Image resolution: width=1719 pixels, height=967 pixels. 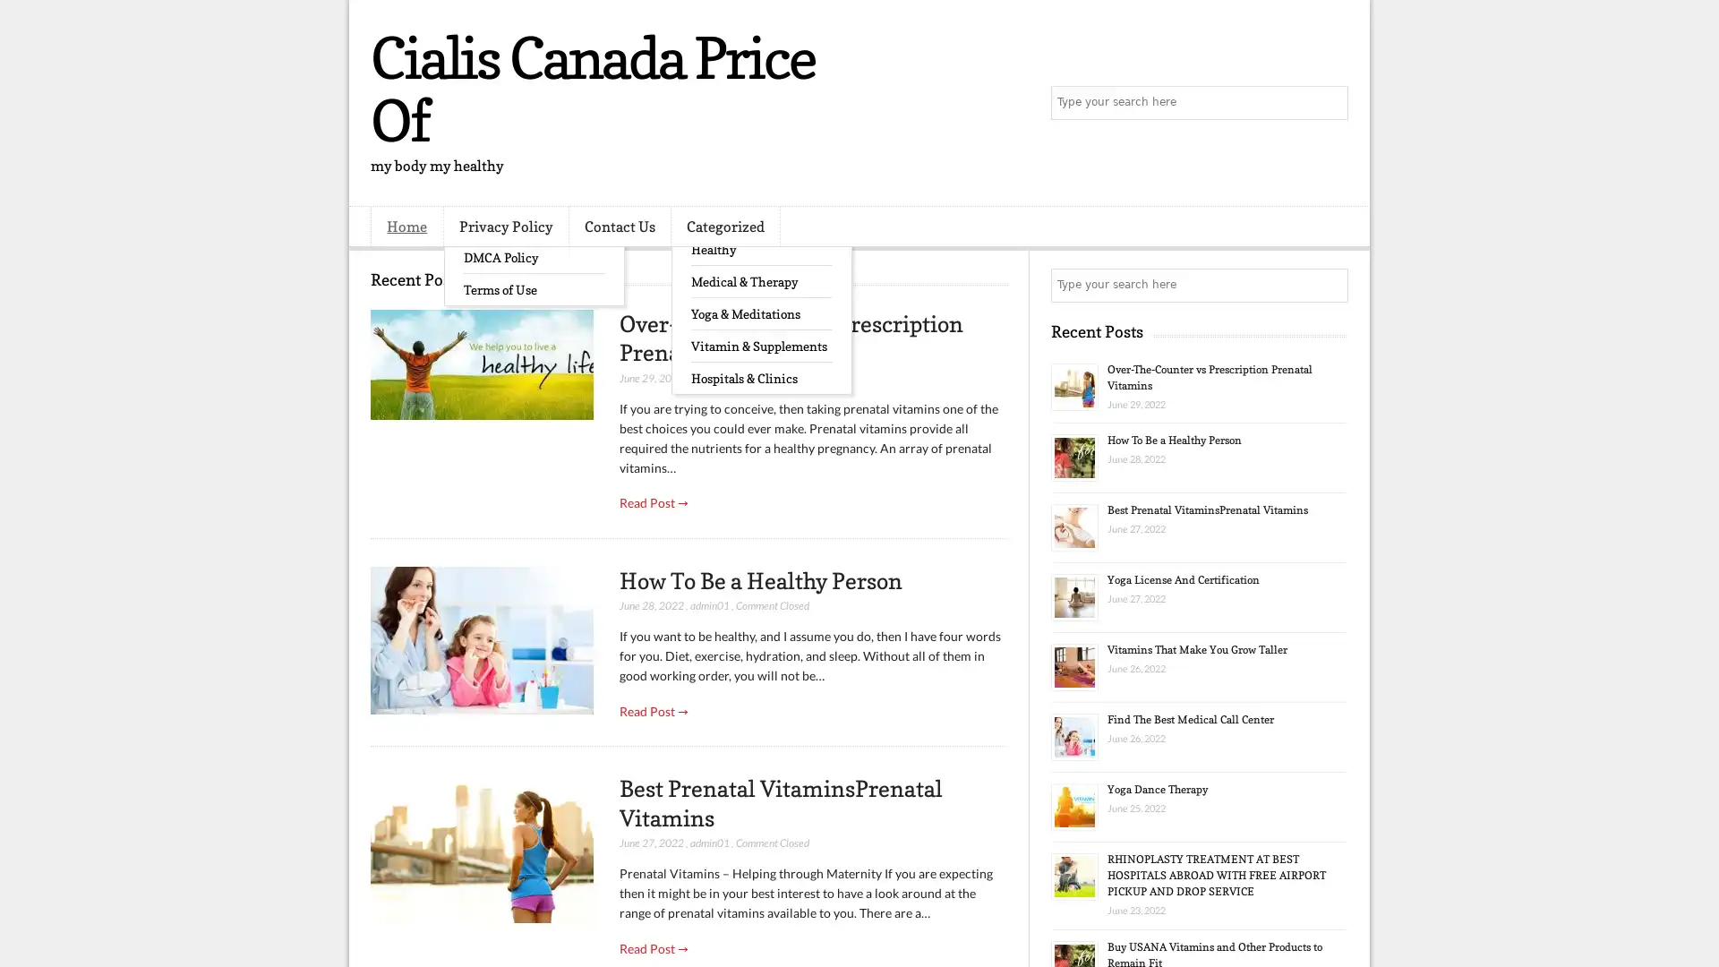 What do you see at coordinates (1330, 103) in the screenshot?
I see `Search` at bounding box center [1330, 103].